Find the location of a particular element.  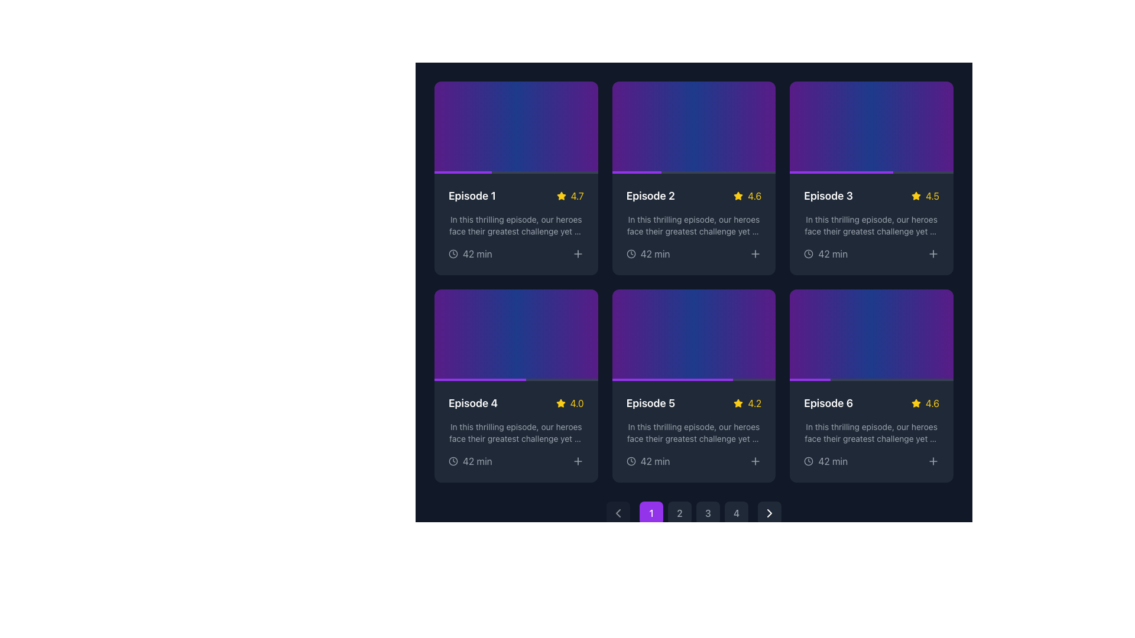

text label element displaying the number '4.5' styled in bold yellow font, located next to the star icon on the third card in the top row of the grid layout for 'Episode 3' is located at coordinates (932, 195).